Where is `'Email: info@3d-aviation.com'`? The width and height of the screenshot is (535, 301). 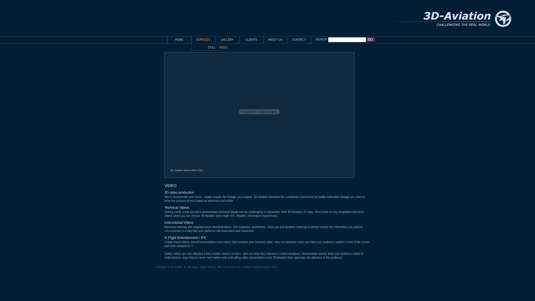 'Email: info@3d-aviation.com' is located at coordinates (260, 266).